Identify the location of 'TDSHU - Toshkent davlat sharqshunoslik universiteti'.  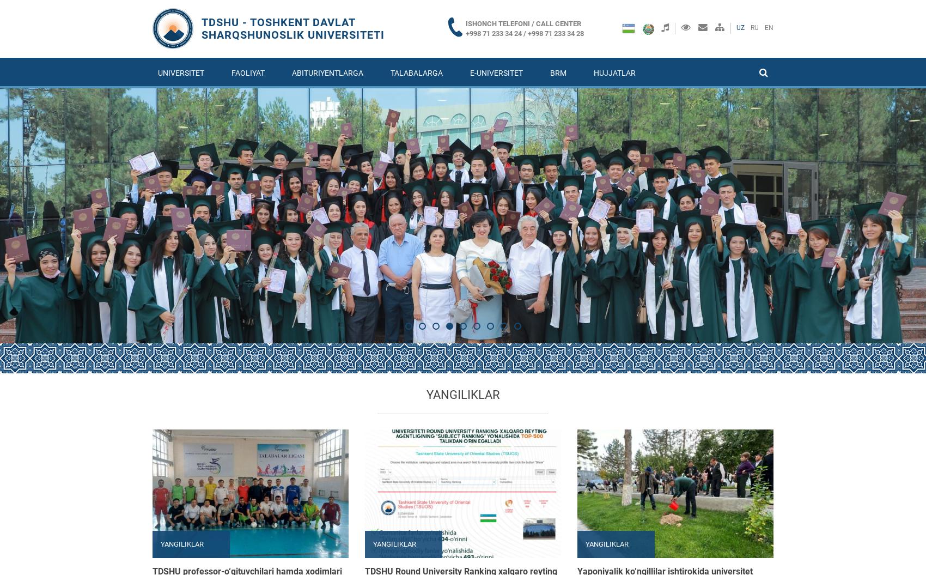
(293, 28).